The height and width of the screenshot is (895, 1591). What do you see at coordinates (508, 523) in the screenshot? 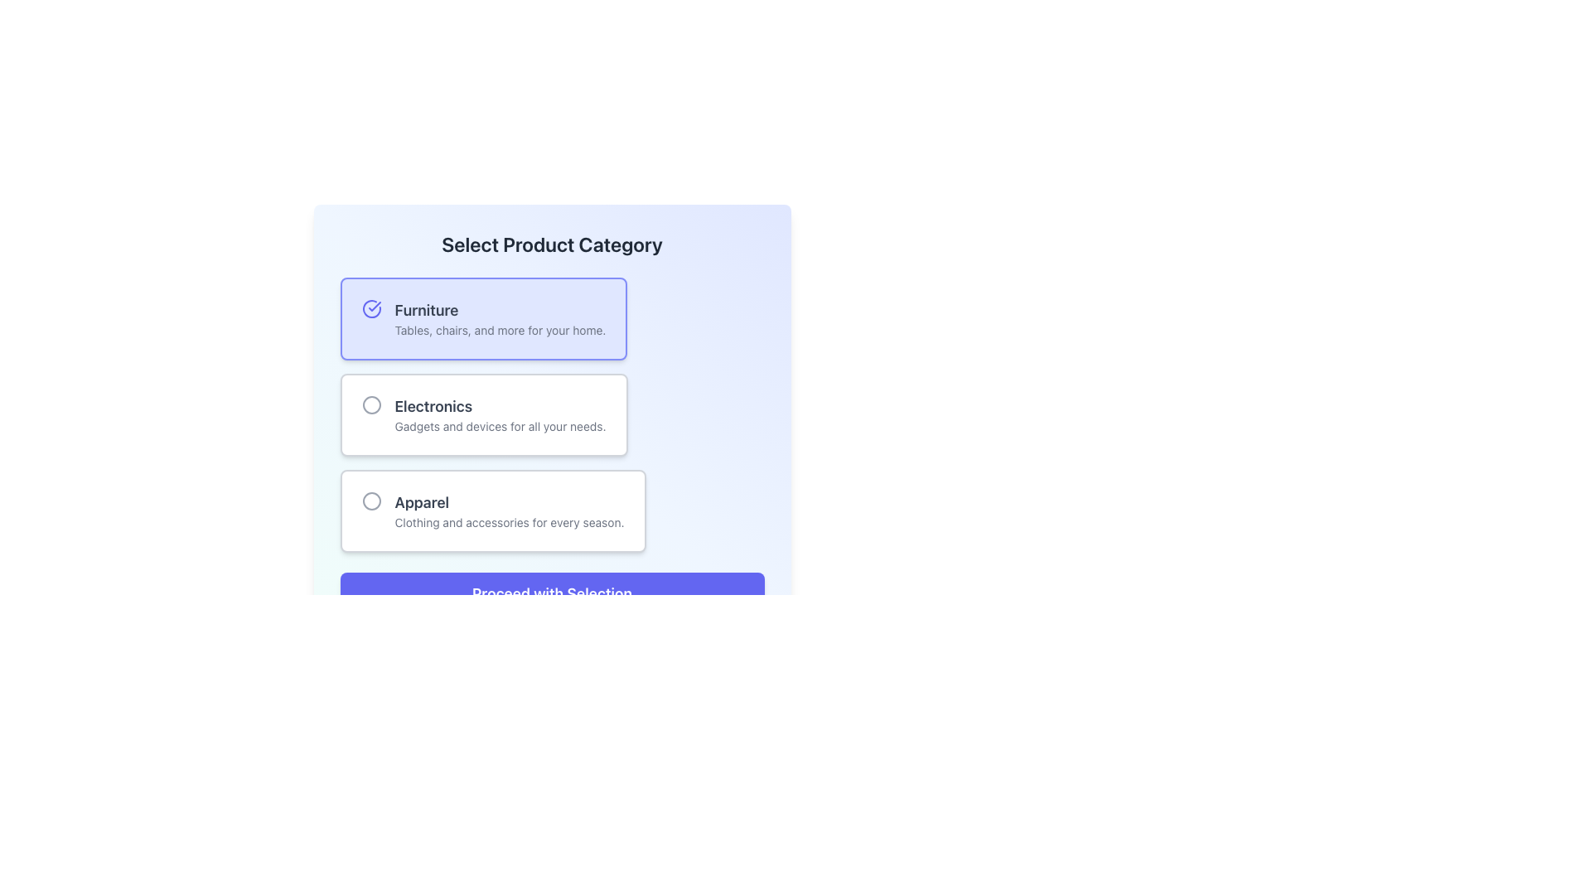
I see `the static text providing additional information about the 'Apparel' category, located directly beneath the heading 'Apparel' in the third selection box` at bounding box center [508, 523].